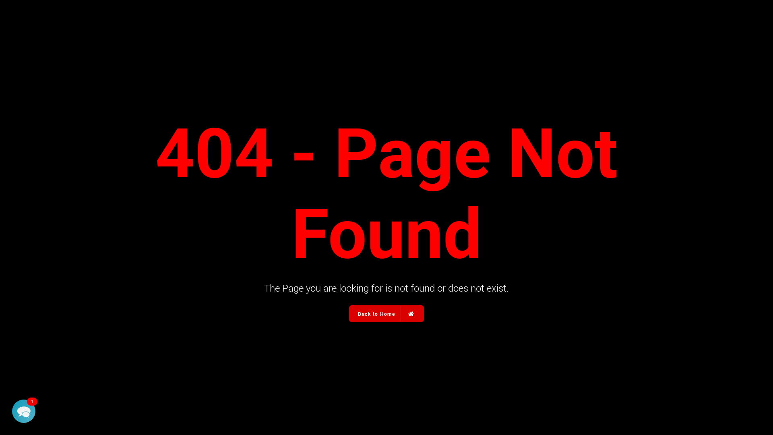  What do you see at coordinates (349, 313) in the screenshot?
I see `'Back to Home'` at bounding box center [349, 313].